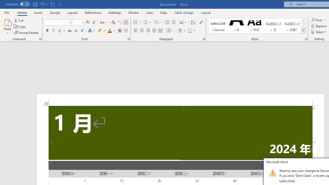  Describe the element at coordinates (129, 39) in the screenshot. I see `'Font...'` at that location.